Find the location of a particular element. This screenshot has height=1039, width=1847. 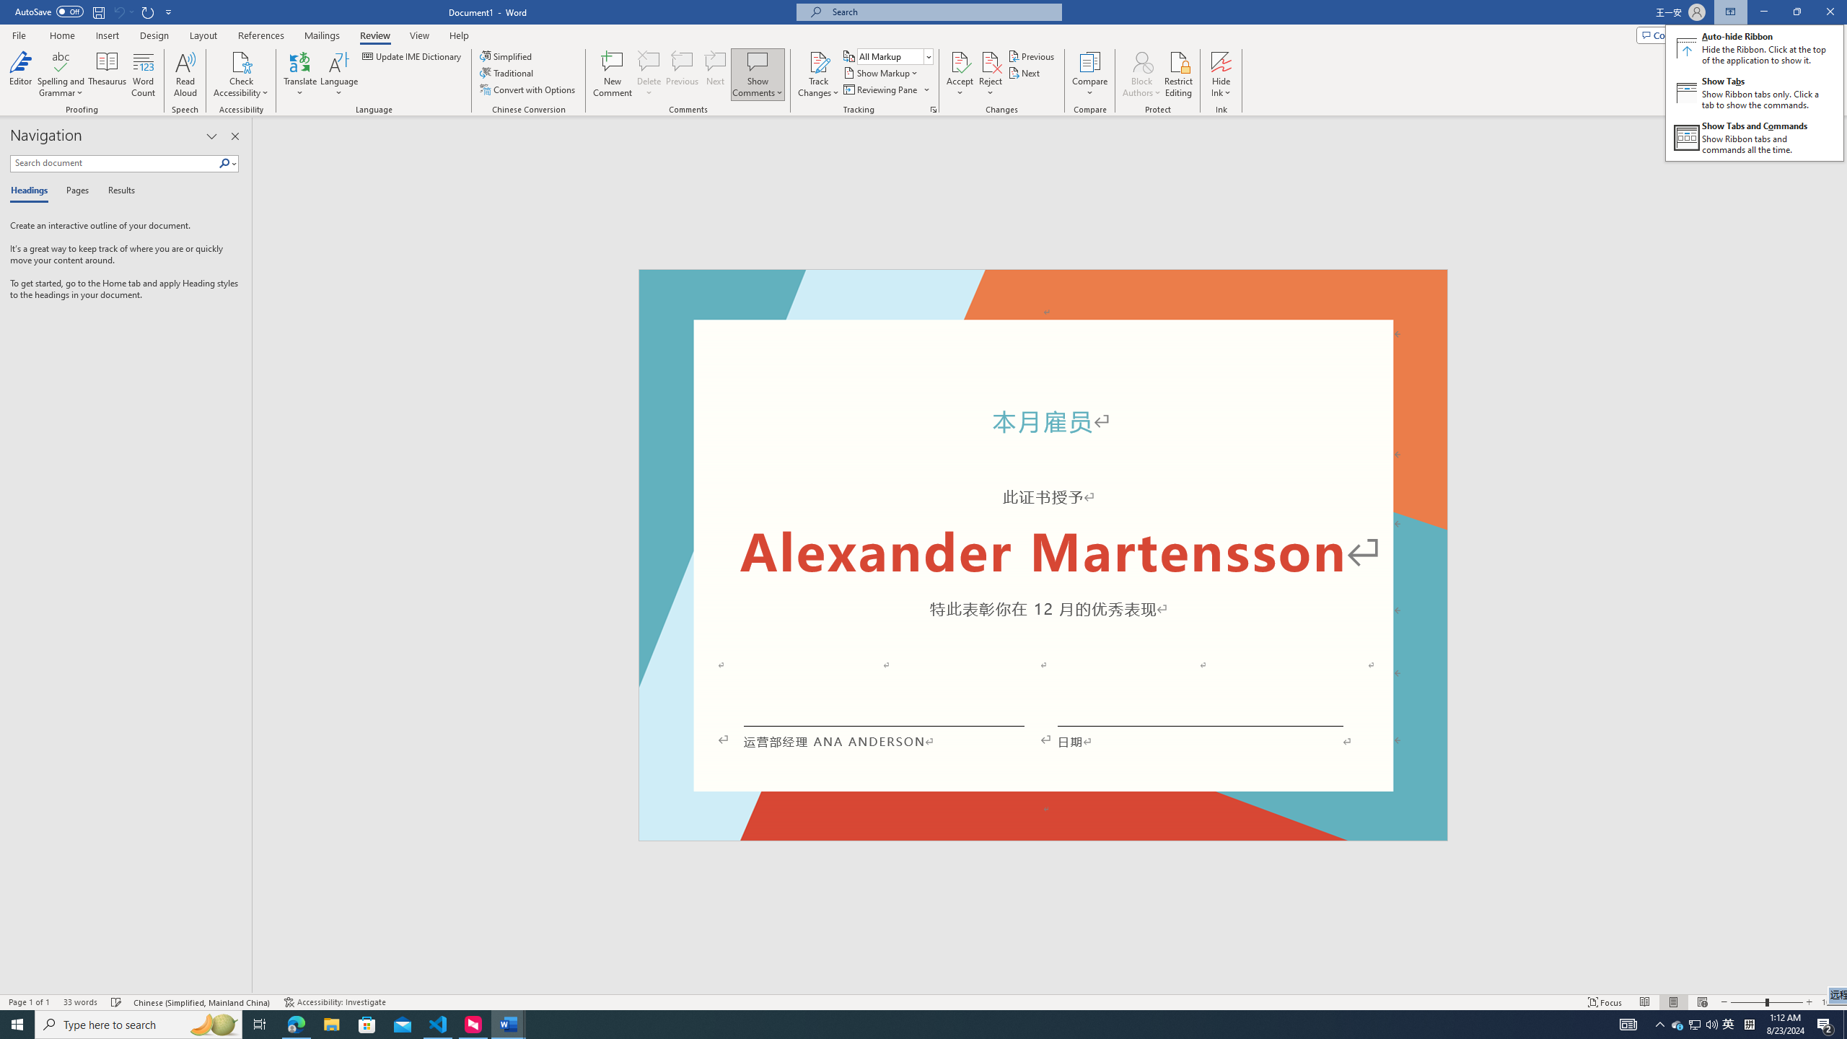

'AutomationID: 4105' is located at coordinates (1627, 1023).